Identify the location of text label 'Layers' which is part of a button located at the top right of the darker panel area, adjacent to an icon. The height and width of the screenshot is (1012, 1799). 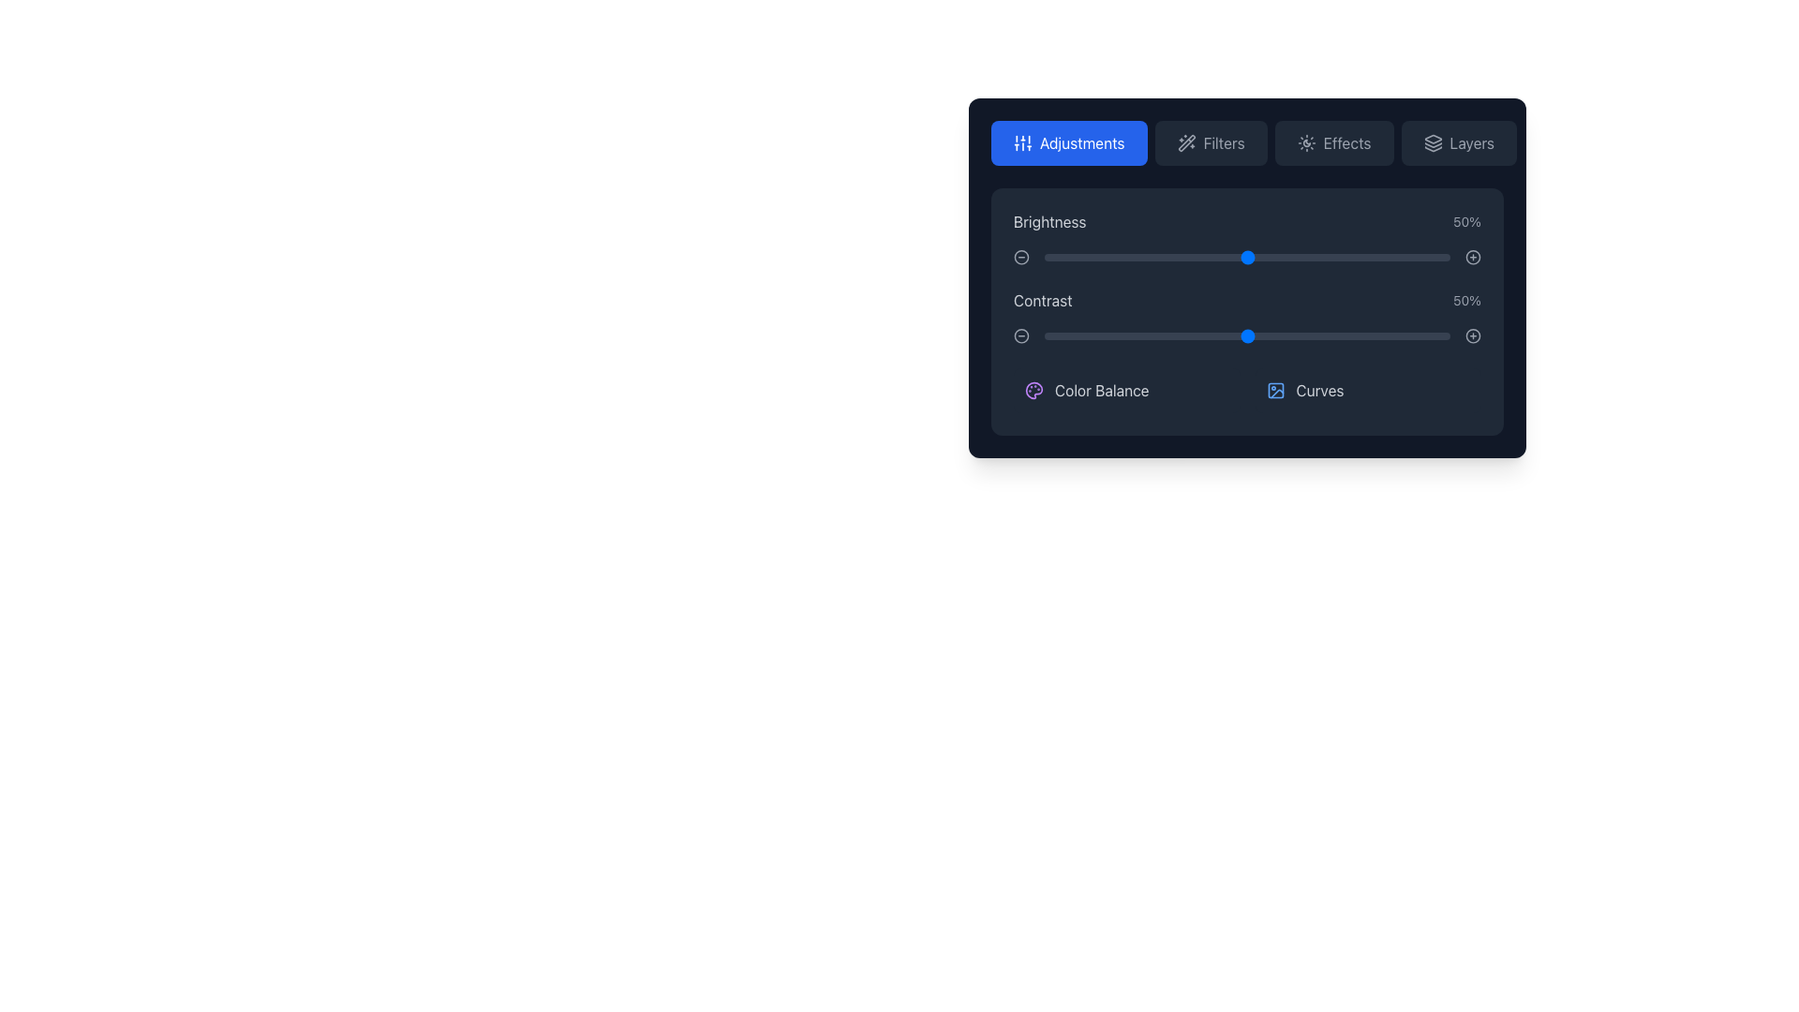
(1471, 142).